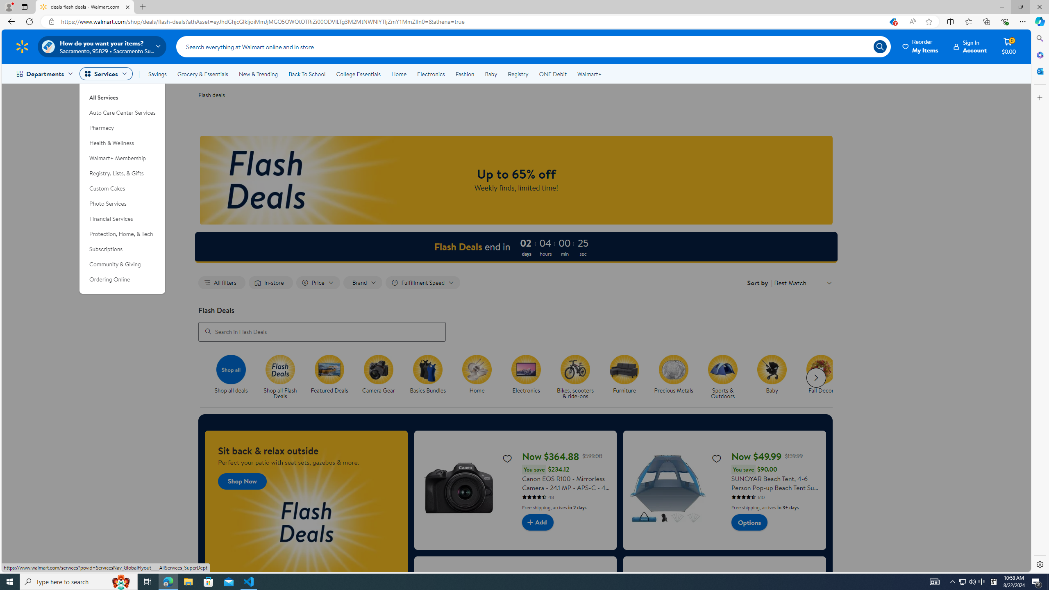 The image size is (1049, 590). I want to click on 'Auto Care Center Services', so click(122, 113).